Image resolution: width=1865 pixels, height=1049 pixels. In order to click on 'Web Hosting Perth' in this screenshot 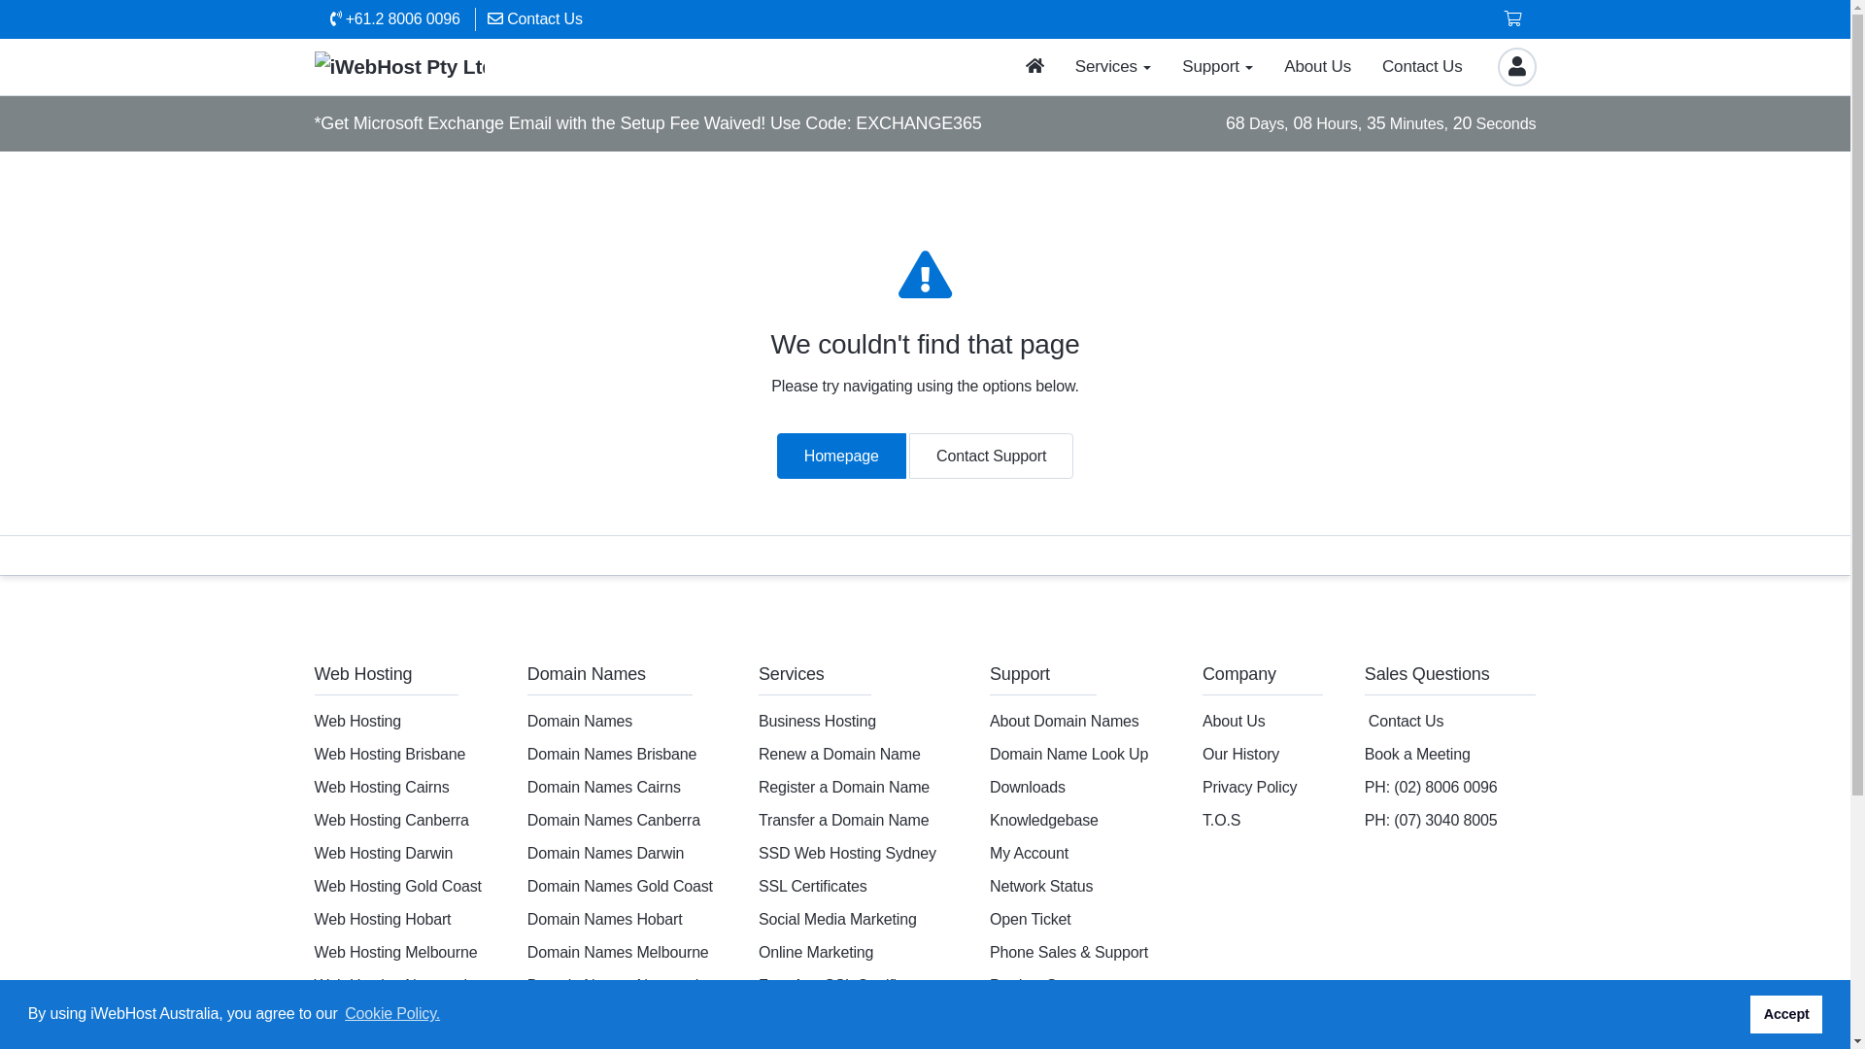, I will do `click(378, 1017)`.